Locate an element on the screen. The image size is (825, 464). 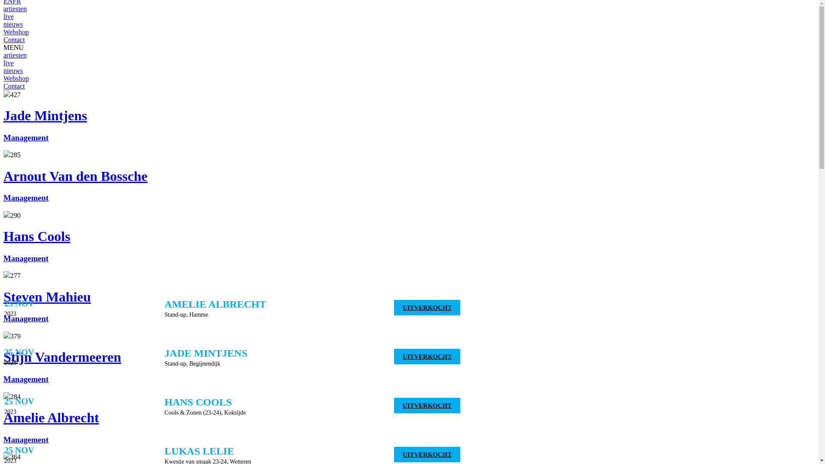
'Contact' is located at coordinates (14, 40).